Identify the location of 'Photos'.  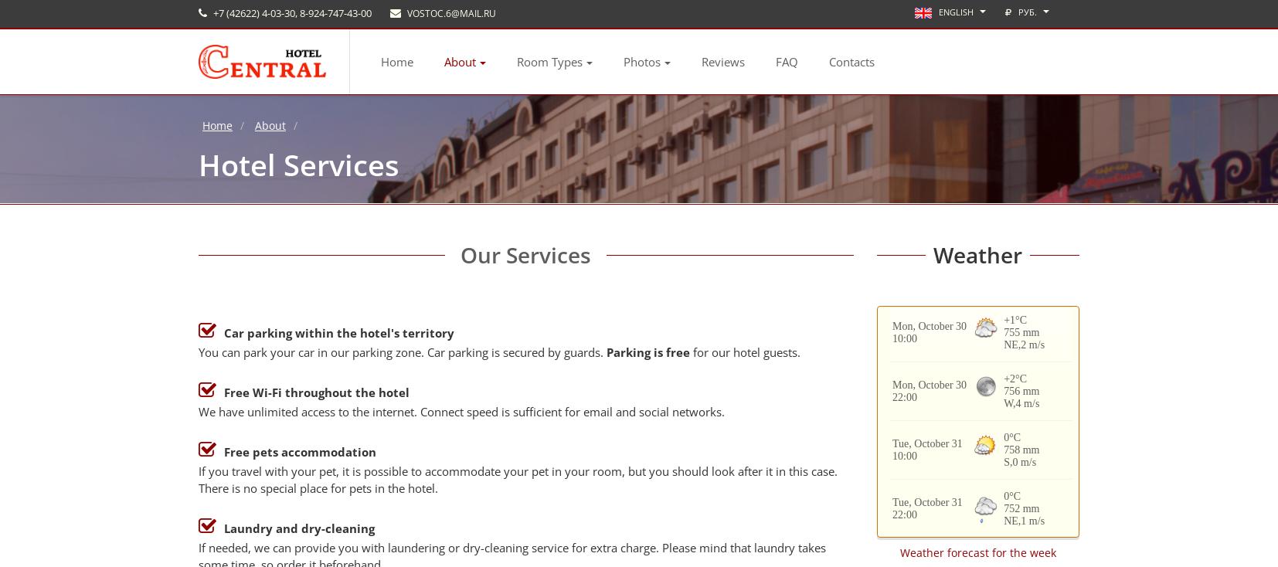
(641, 60).